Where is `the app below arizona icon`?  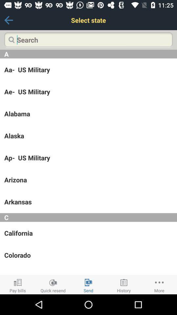
the app below arizona icon is located at coordinates (88, 201).